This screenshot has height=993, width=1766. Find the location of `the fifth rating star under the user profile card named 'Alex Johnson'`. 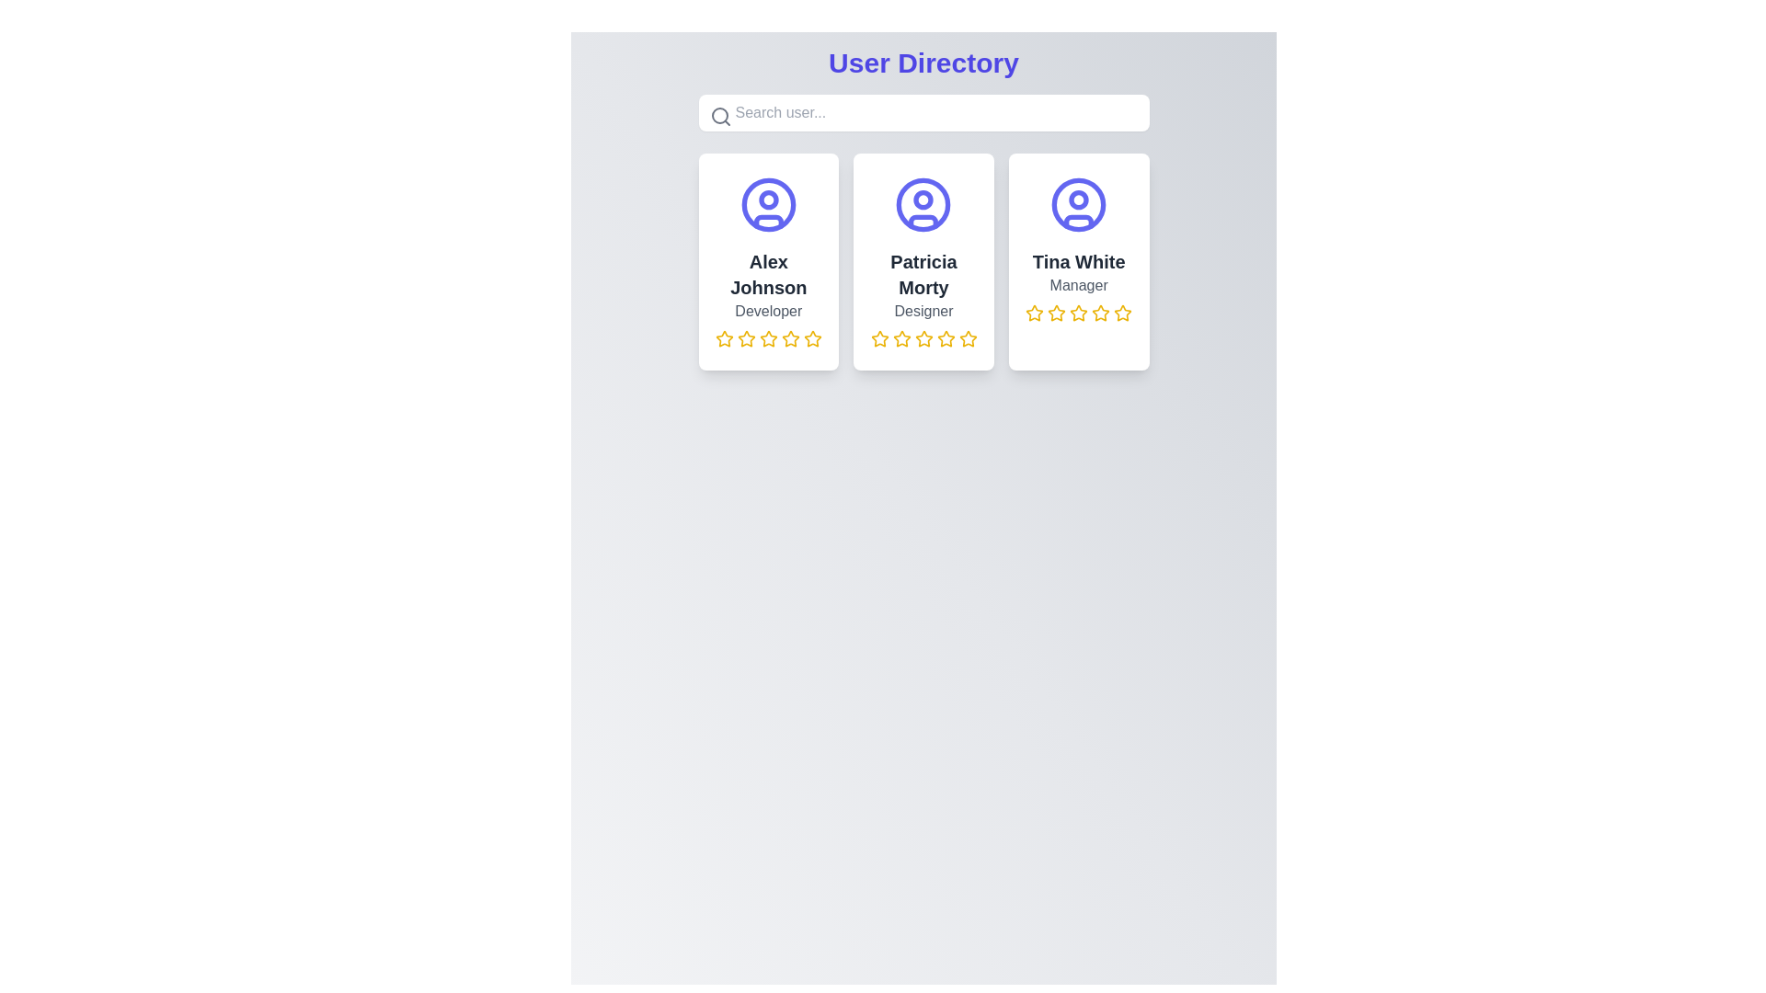

the fifth rating star under the user profile card named 'Alex Johnson' is located at coordinates (790, 339).